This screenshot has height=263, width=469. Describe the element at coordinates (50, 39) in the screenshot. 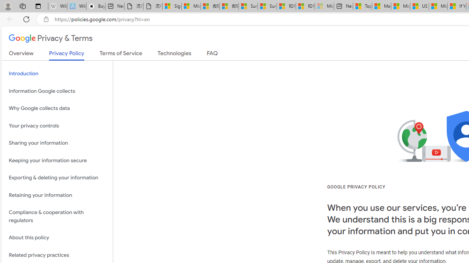

I see `'Privacy & Terms'` at that location.